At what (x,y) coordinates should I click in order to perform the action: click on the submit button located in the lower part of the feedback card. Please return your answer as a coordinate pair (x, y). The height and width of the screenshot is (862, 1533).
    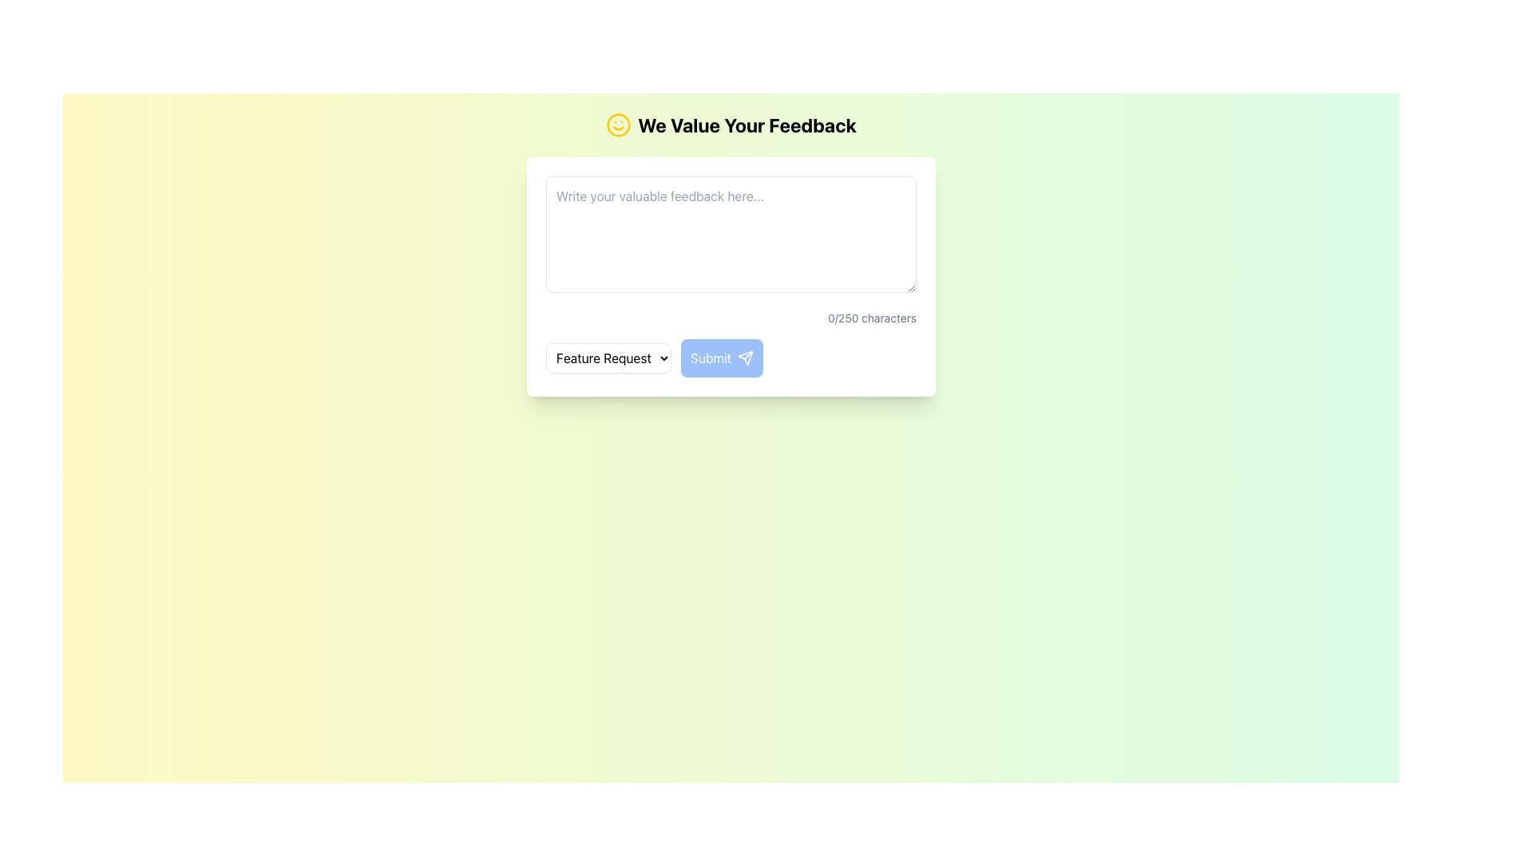
    Looking at the image, I should click on (731, 357).